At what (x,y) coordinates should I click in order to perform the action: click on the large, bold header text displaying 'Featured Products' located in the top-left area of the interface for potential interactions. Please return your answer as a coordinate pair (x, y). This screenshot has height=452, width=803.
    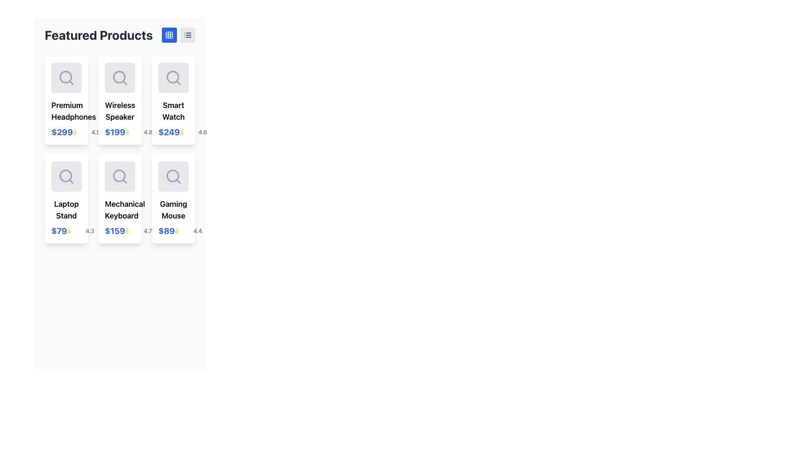
    Looking at the image, I should click on (99, 35).